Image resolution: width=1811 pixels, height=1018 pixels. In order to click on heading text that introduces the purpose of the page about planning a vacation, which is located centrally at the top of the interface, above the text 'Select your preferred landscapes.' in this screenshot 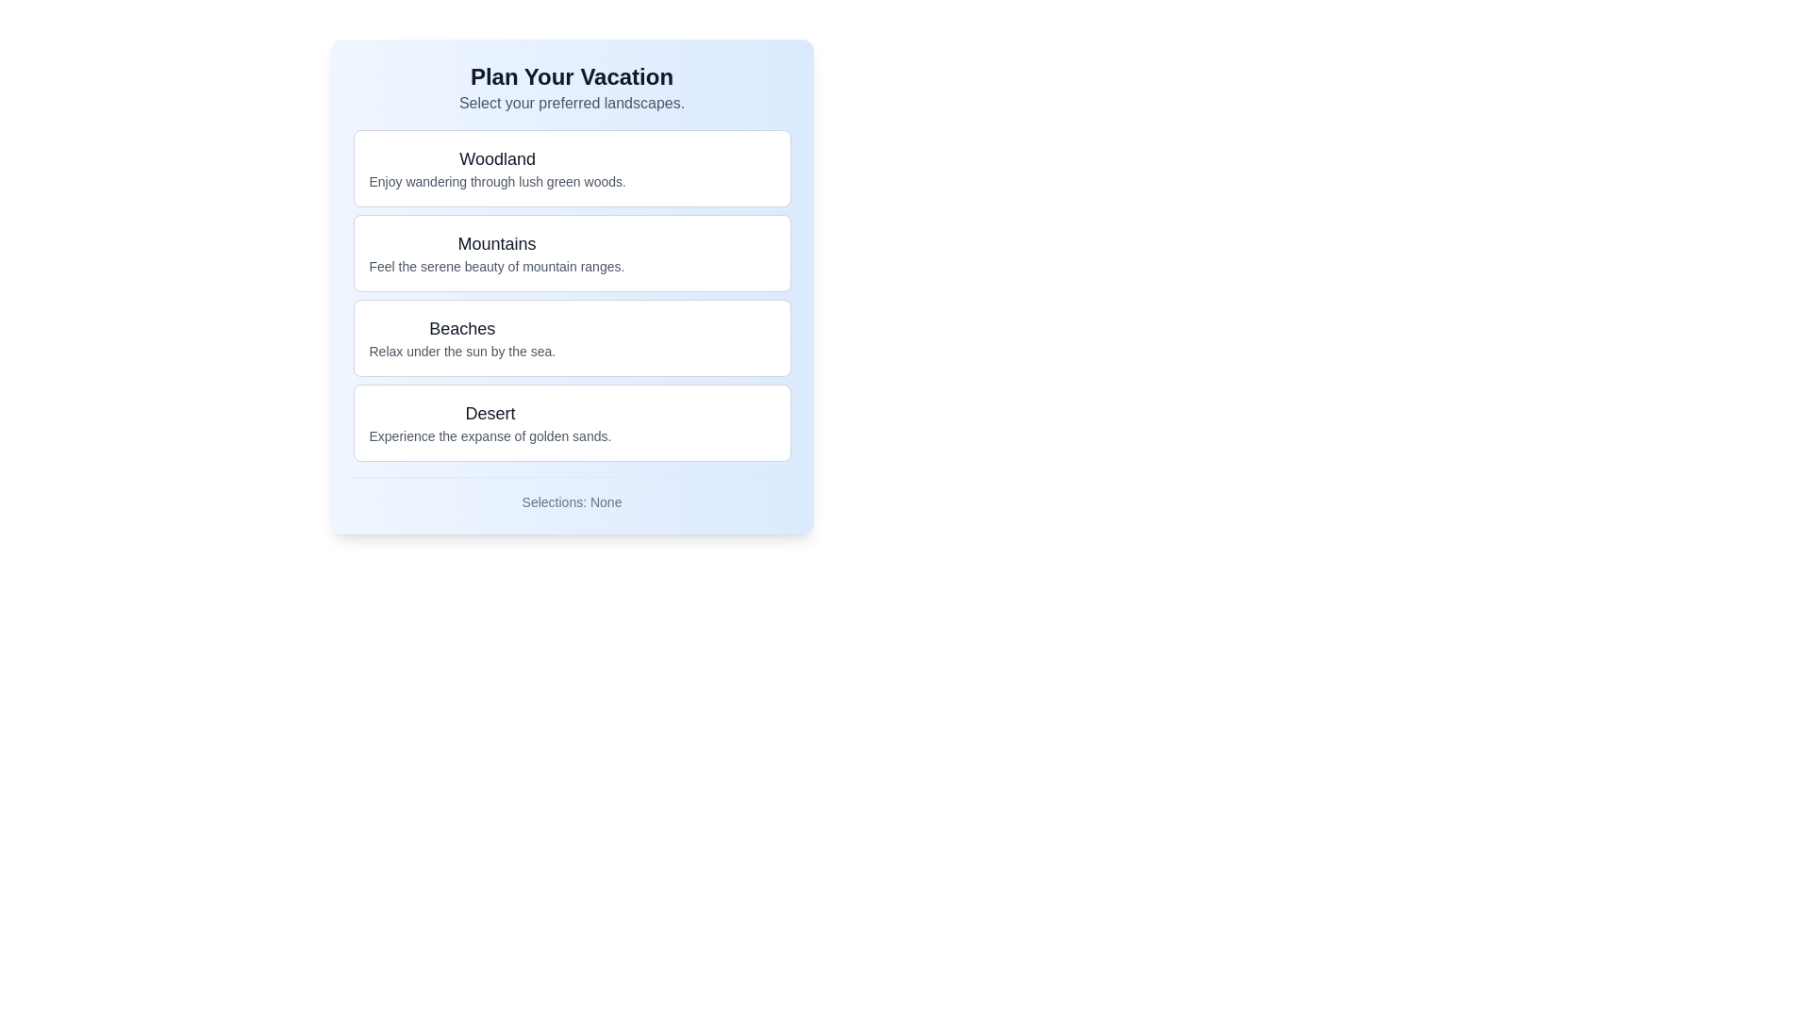, I will do `click(571, 75)`.